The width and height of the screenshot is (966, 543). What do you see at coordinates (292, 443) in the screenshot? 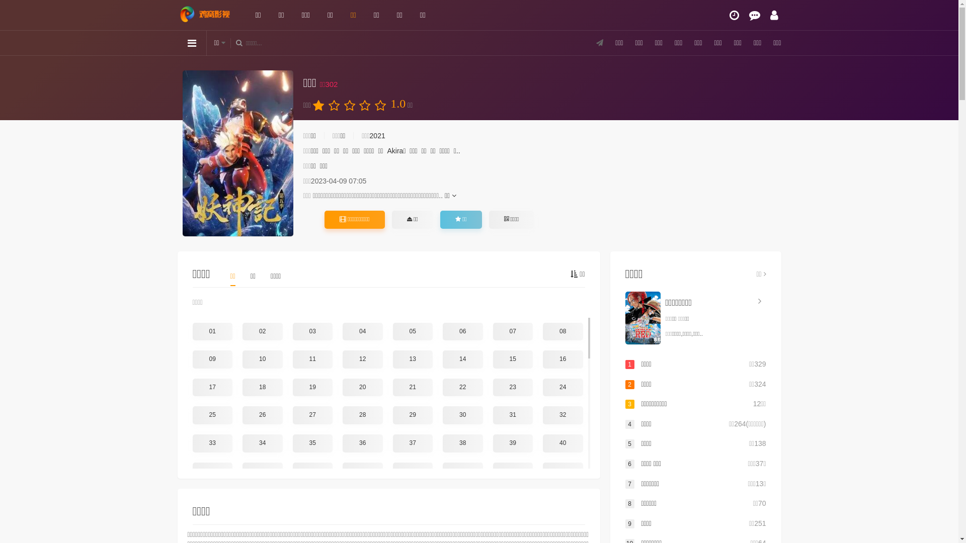
I see `'35'` at bounding box center [292, 443].